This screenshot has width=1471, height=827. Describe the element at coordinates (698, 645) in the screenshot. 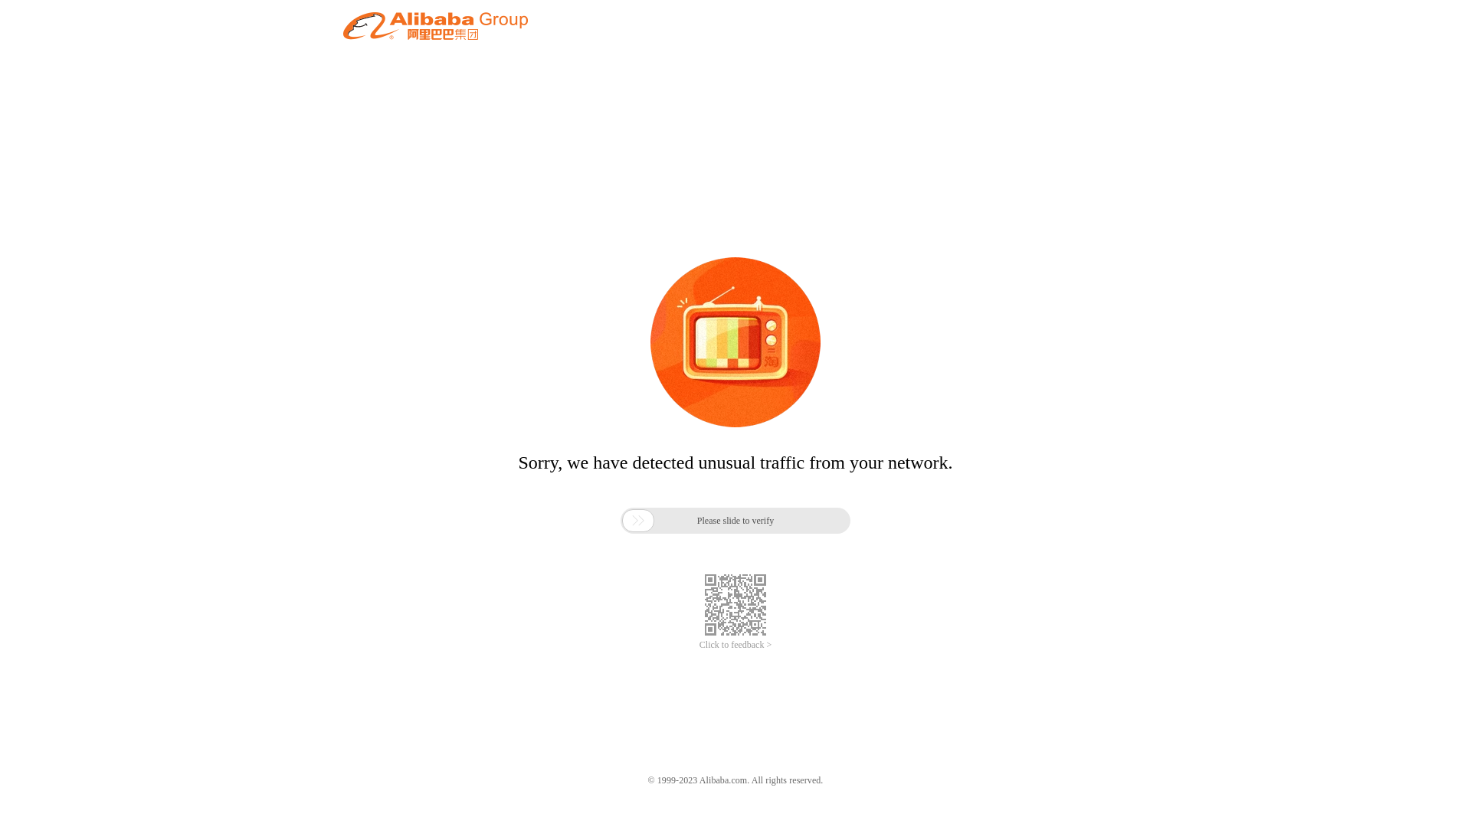

I see `'Click to feedback >'` at that location.